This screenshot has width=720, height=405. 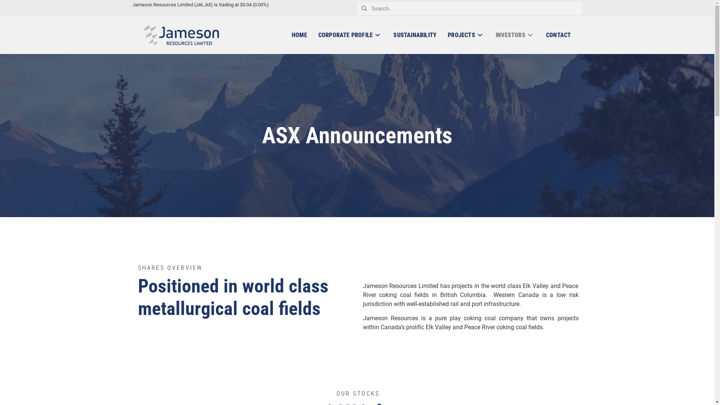 I want to click on 'CORPORATE PROFILE', so click(x=350, y=35).